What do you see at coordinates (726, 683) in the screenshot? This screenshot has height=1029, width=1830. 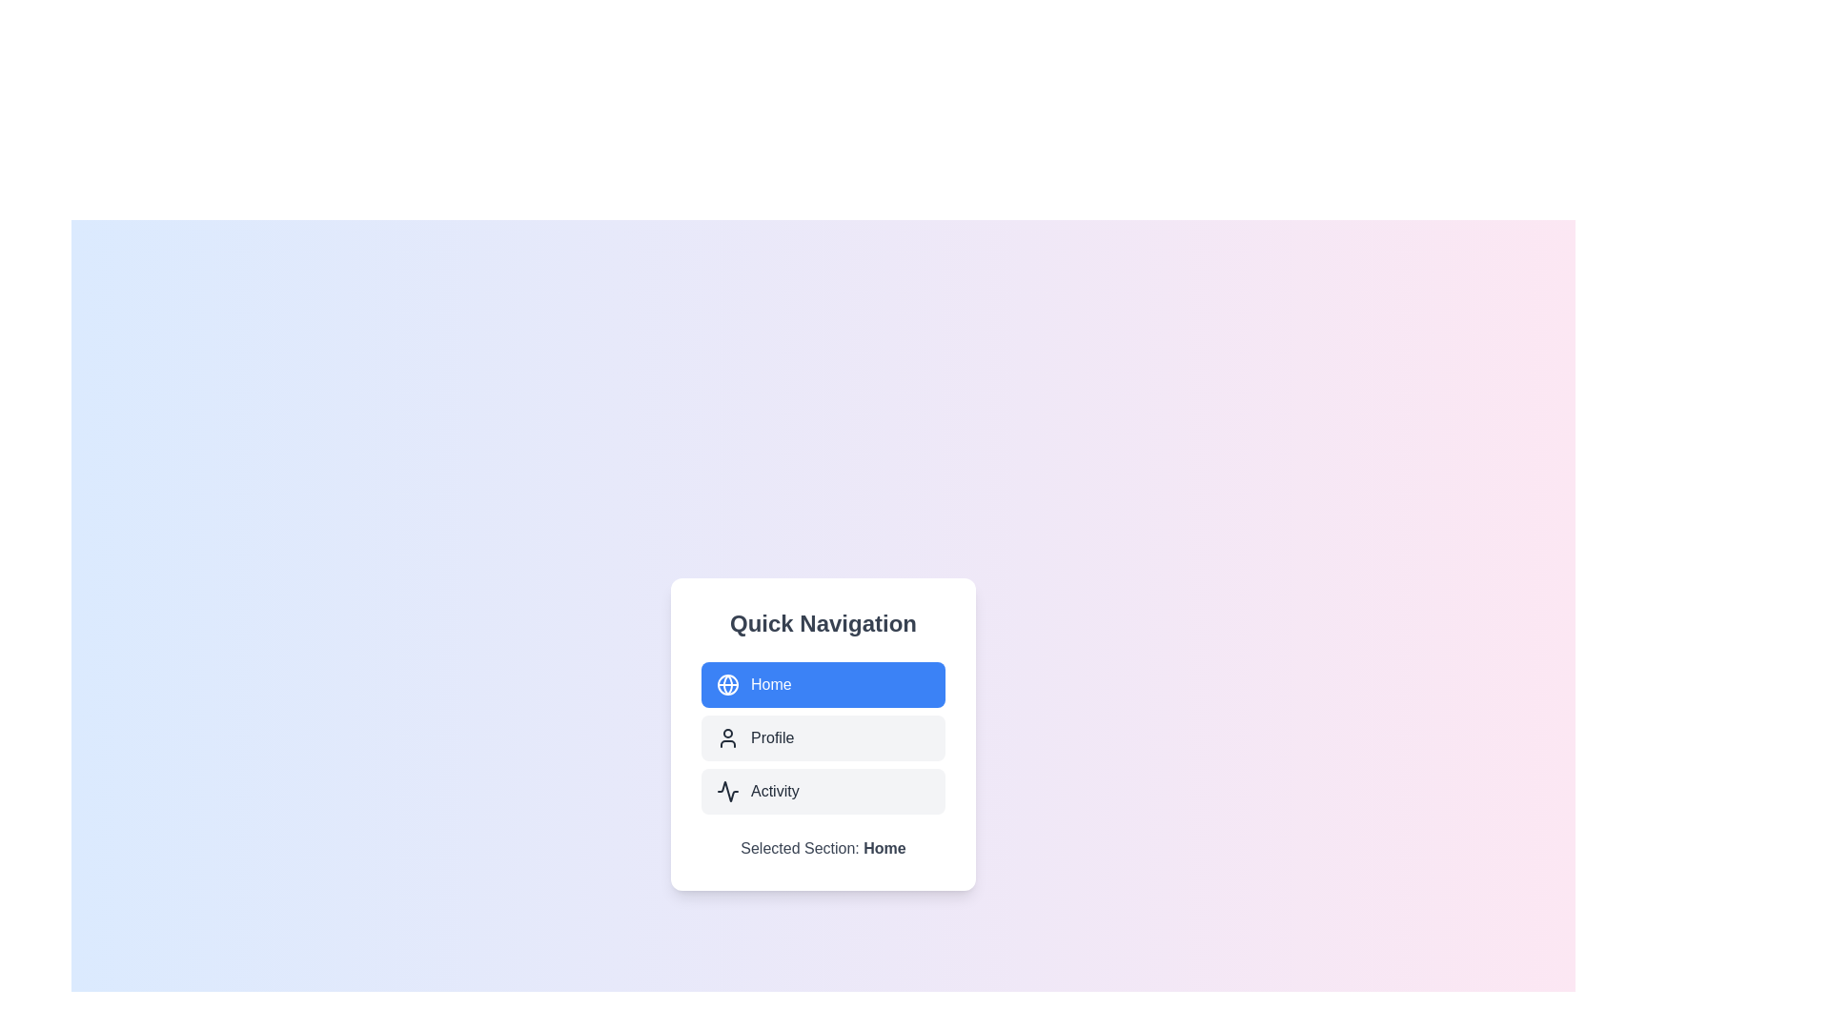 I see `the 'Home' navigation button which contains the Globe icon` at bounding box center [726, 683].